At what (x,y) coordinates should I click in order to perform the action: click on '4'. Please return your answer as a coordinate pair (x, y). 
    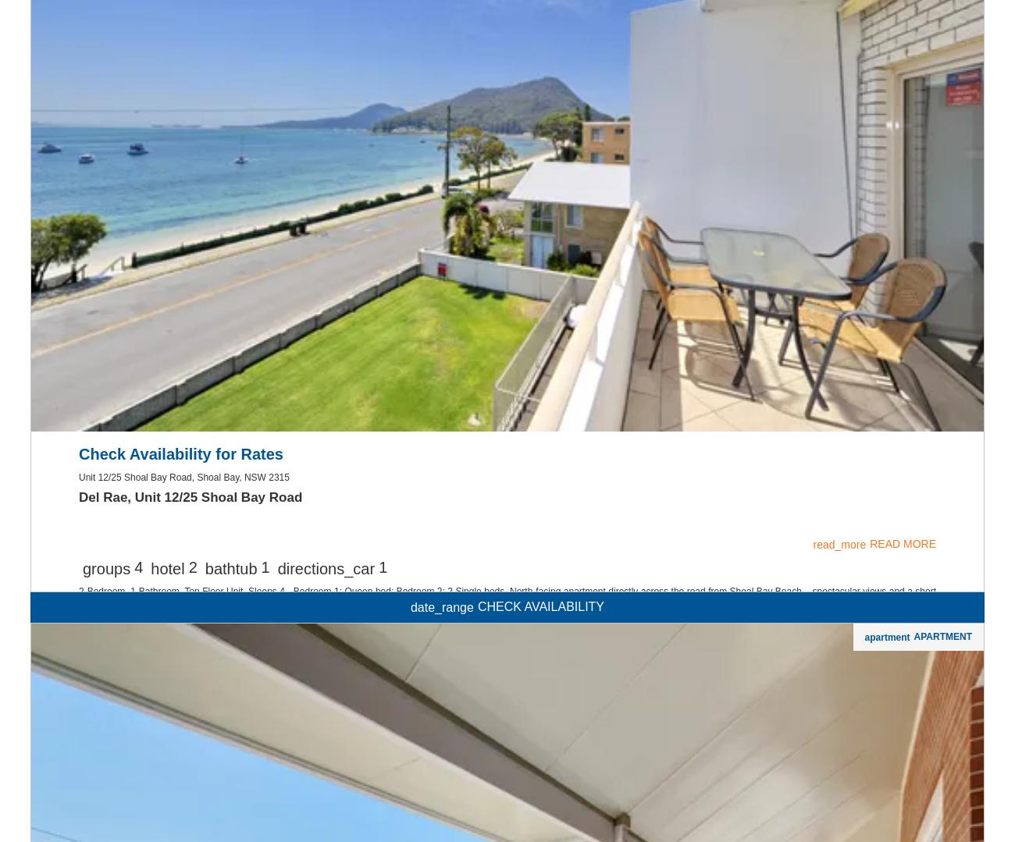
    Looking at the image, I should click on (138, 767).